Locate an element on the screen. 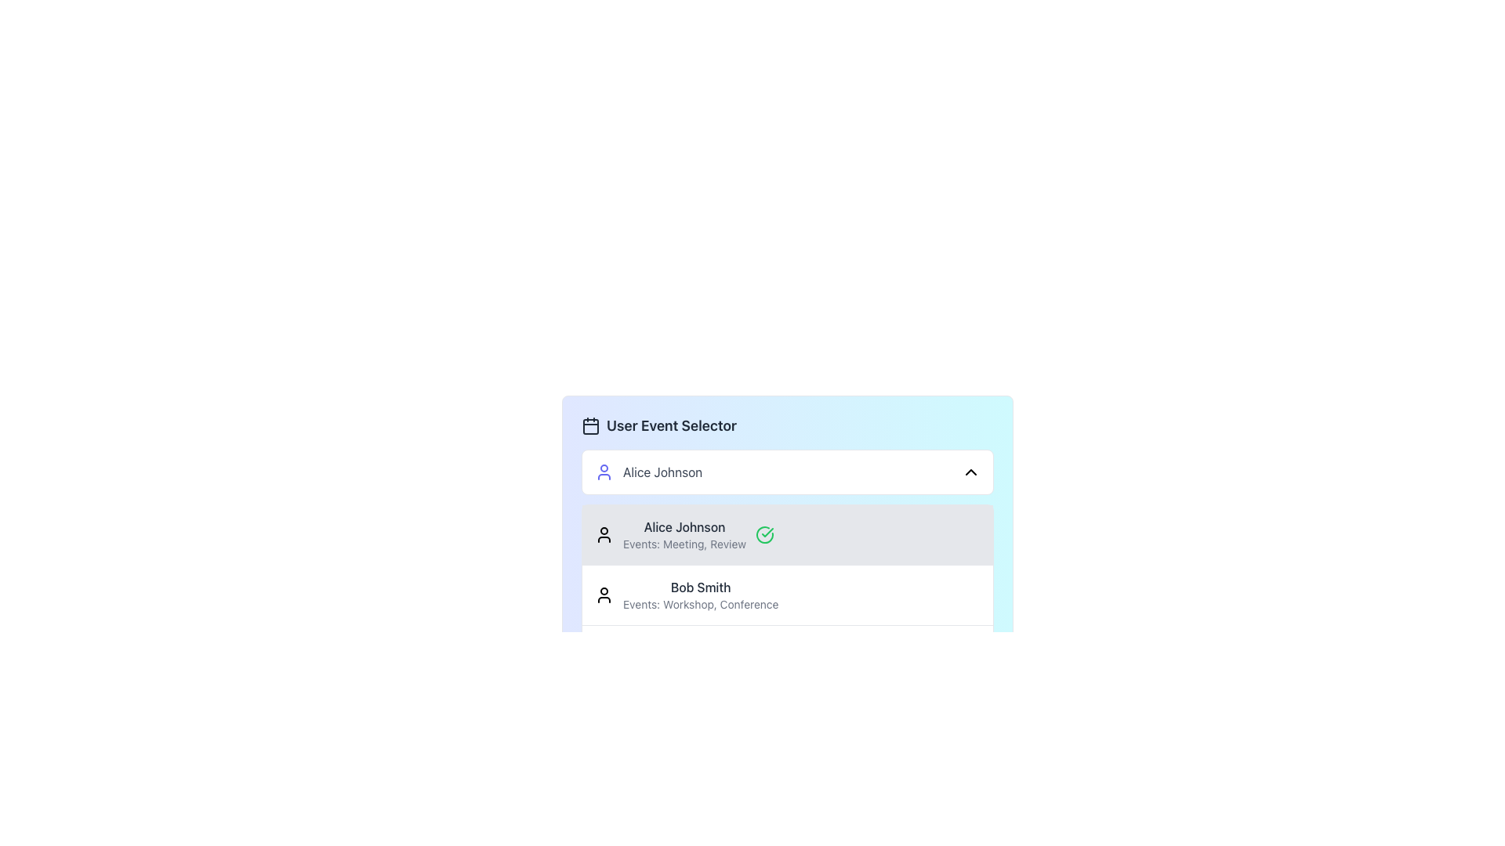 Image resolution: width=1505 pixels, height=846 pixels. the calendar icon located at the leftmost side of the header section of the 'User Event Selector', which precedes the bold header text 'User Event Selector' is located at coordinates (589, 425).